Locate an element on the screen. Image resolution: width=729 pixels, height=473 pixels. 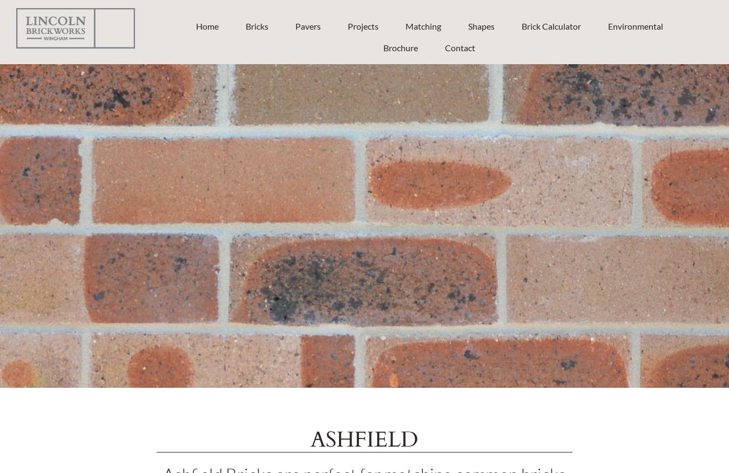
'Shapes' is located at coordinates (481, 25).